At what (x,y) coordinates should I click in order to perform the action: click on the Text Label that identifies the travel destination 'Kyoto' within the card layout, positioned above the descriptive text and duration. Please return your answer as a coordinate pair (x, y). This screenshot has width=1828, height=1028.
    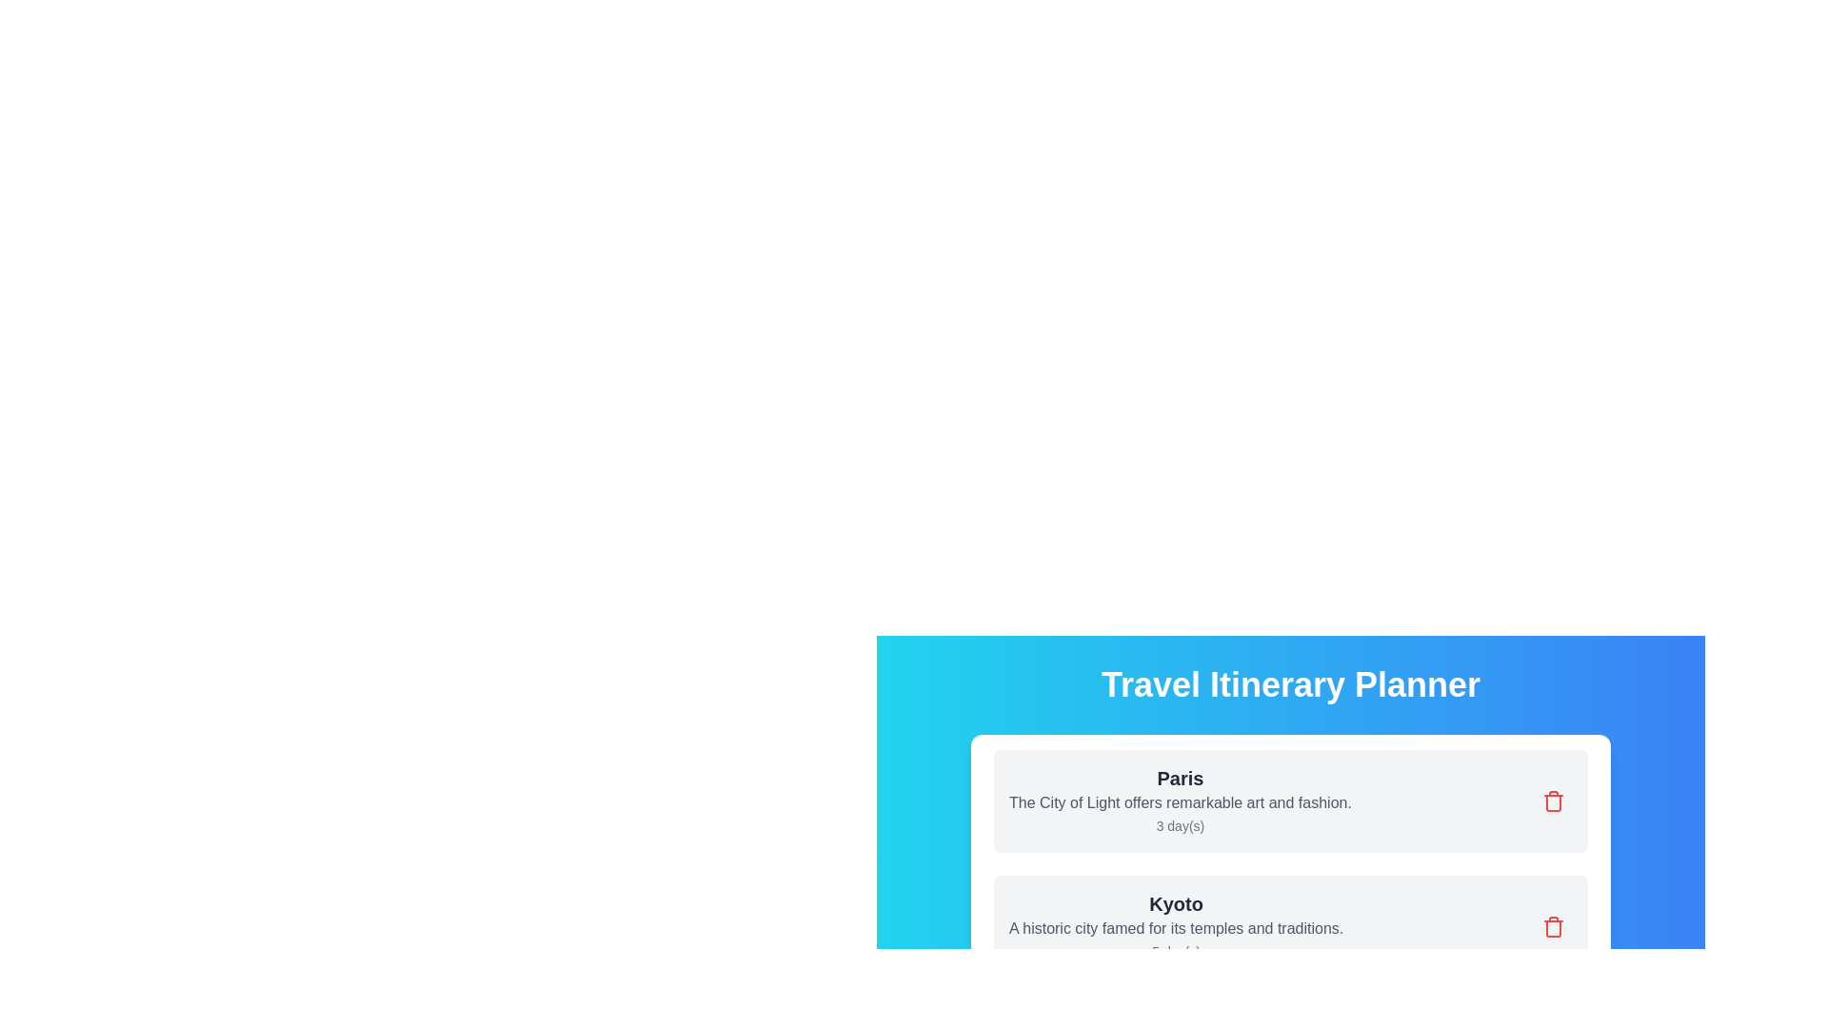
    Looking at the image, I should click on (1175, 902).